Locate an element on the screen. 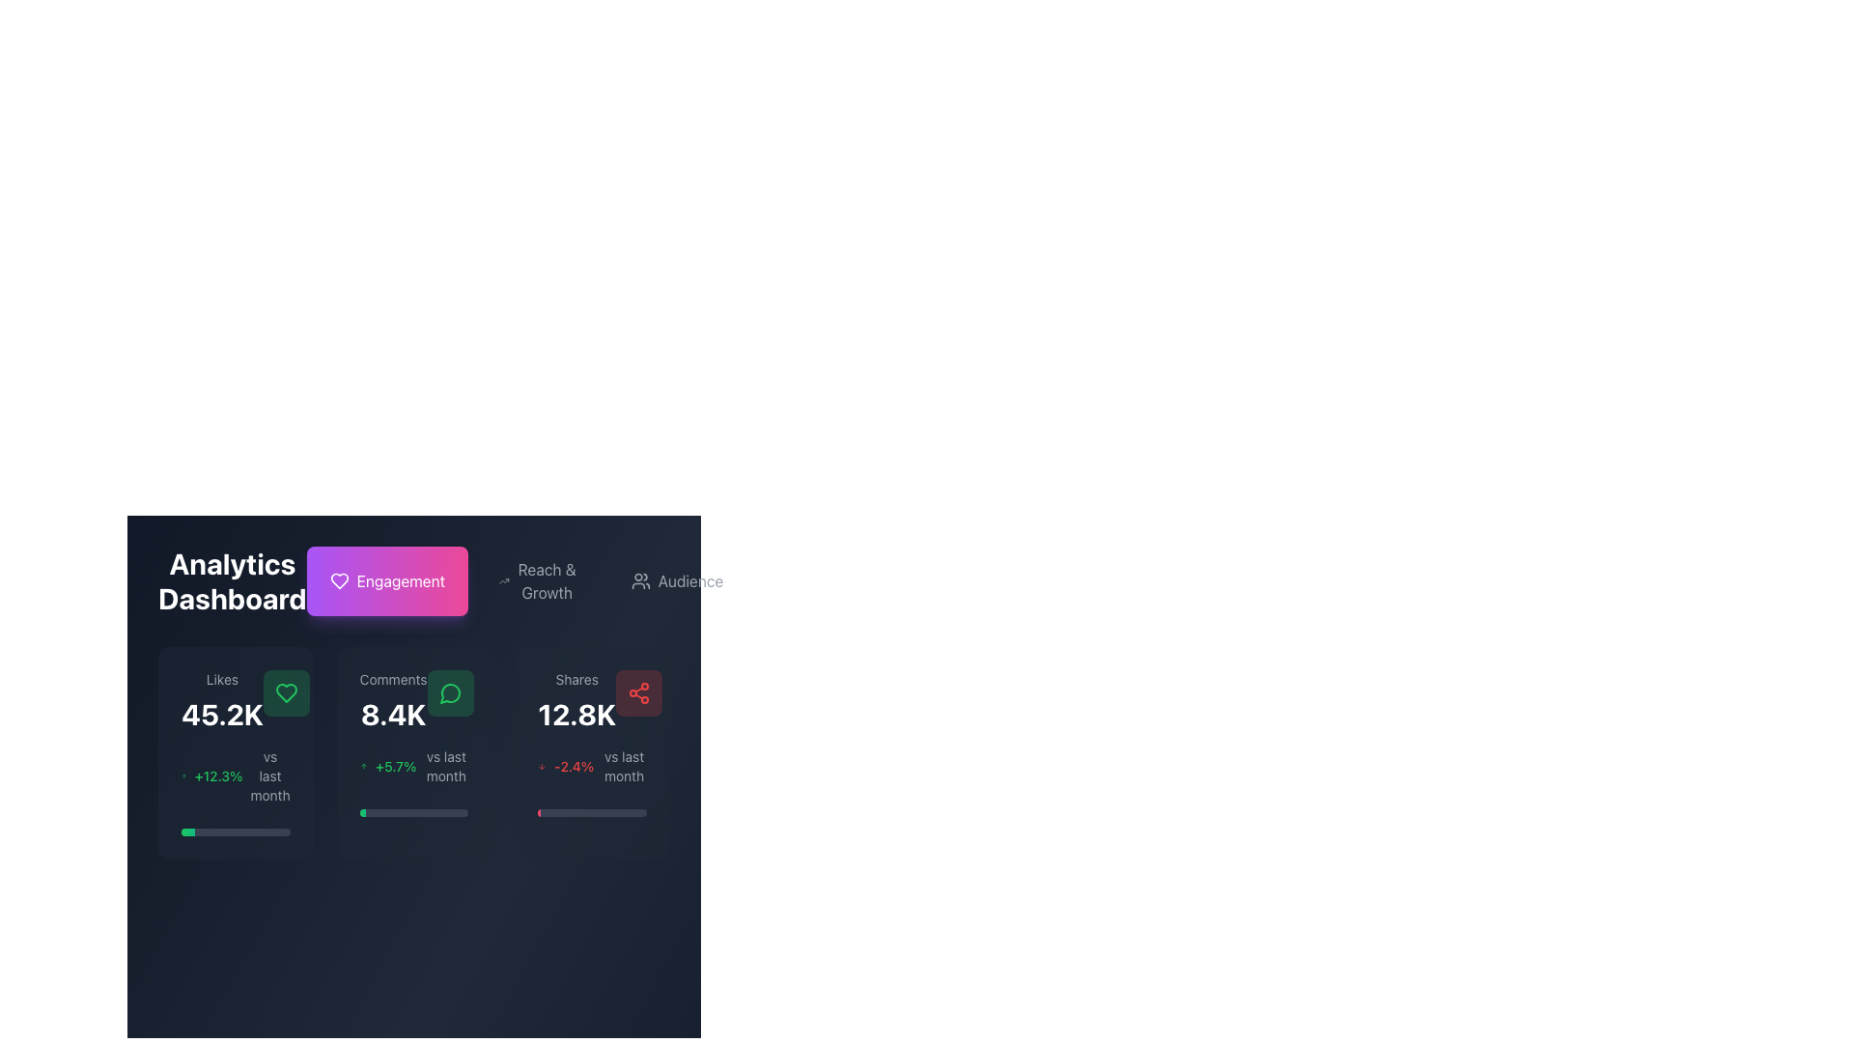  the comments icon located in the 'Comments' section of the analytics dashboard, which is visually represented within the tile labeled '8.4K' is located at coordinates (449, 691).